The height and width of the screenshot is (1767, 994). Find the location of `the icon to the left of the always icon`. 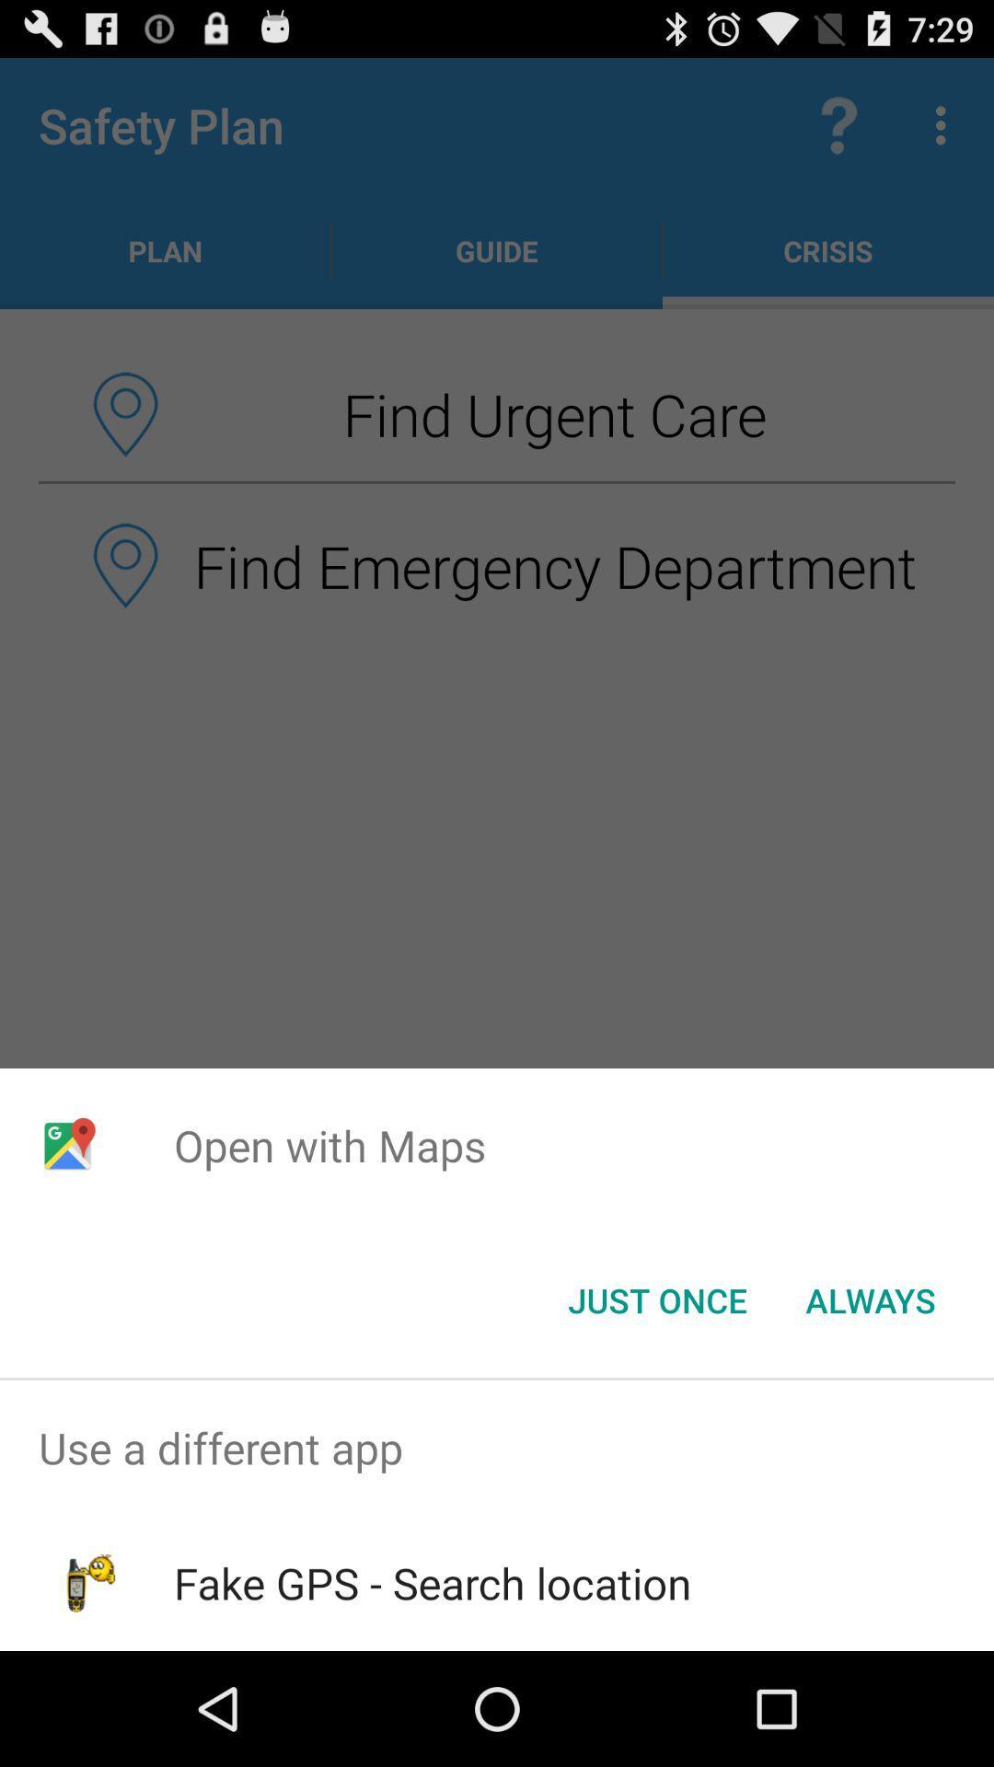

the icon to the left of the always icon is located at coordinates (656, 1299).